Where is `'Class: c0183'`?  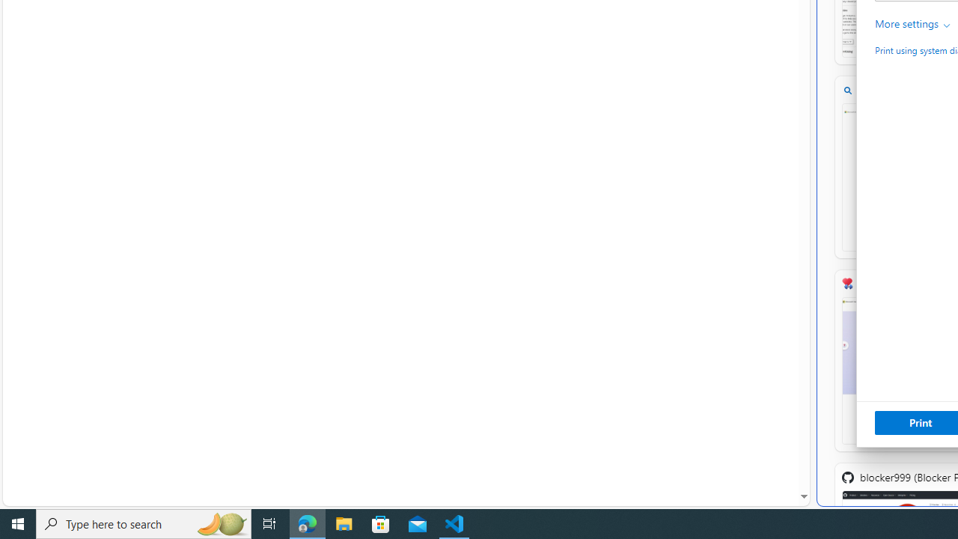
'Class: c0183' is located at coordinates (946, 25).